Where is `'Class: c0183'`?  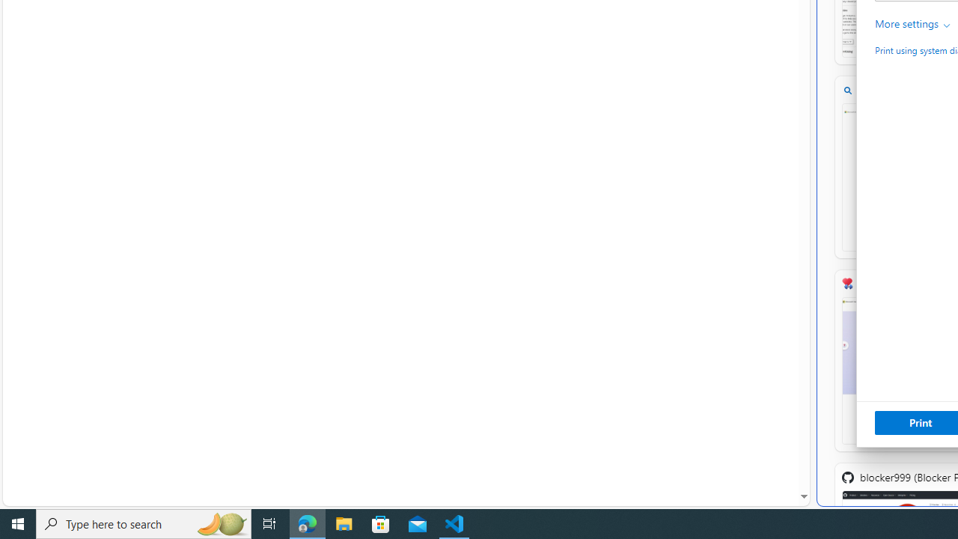
'Class: c0183' is located at coordinates (946, 25).